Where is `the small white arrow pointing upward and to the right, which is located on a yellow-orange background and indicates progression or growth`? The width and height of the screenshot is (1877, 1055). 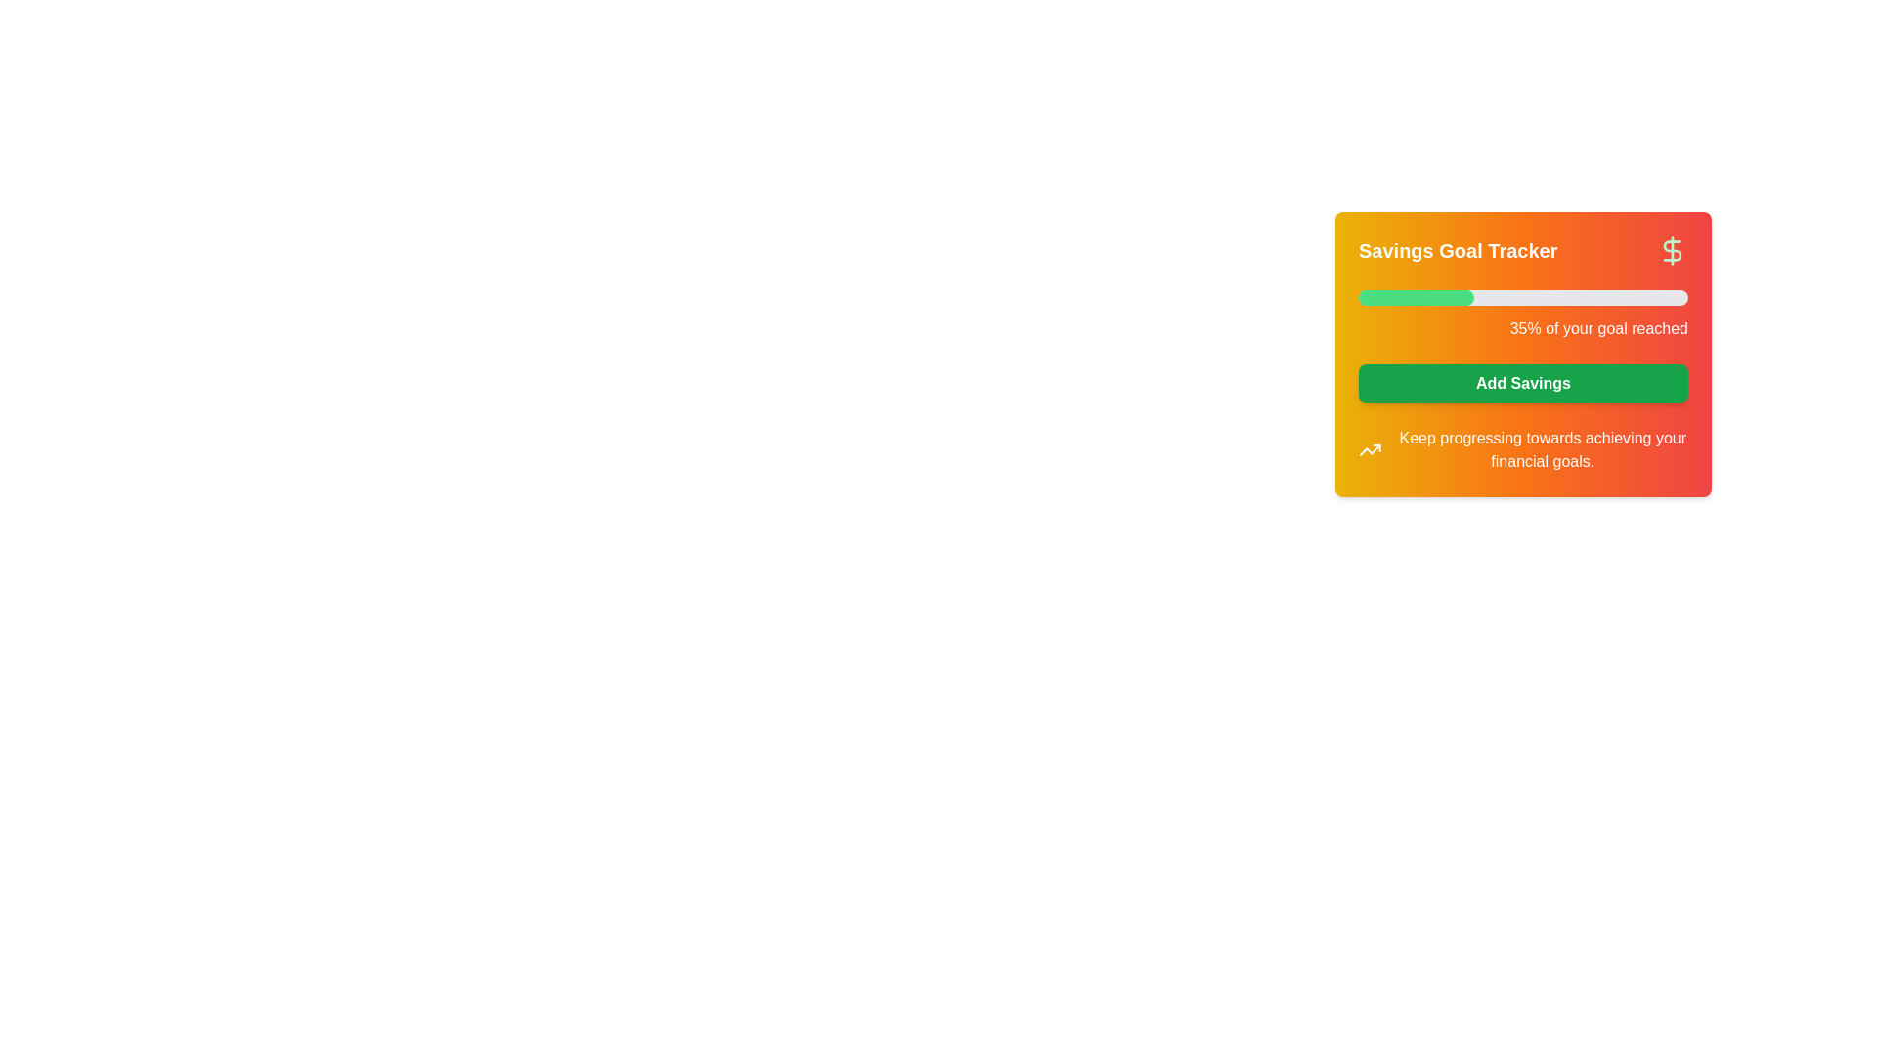 the small white arrow pointing upward and to the right, which is located on a yellow-orange background and indicates progression or growth is located at coordinates (1369, 450).